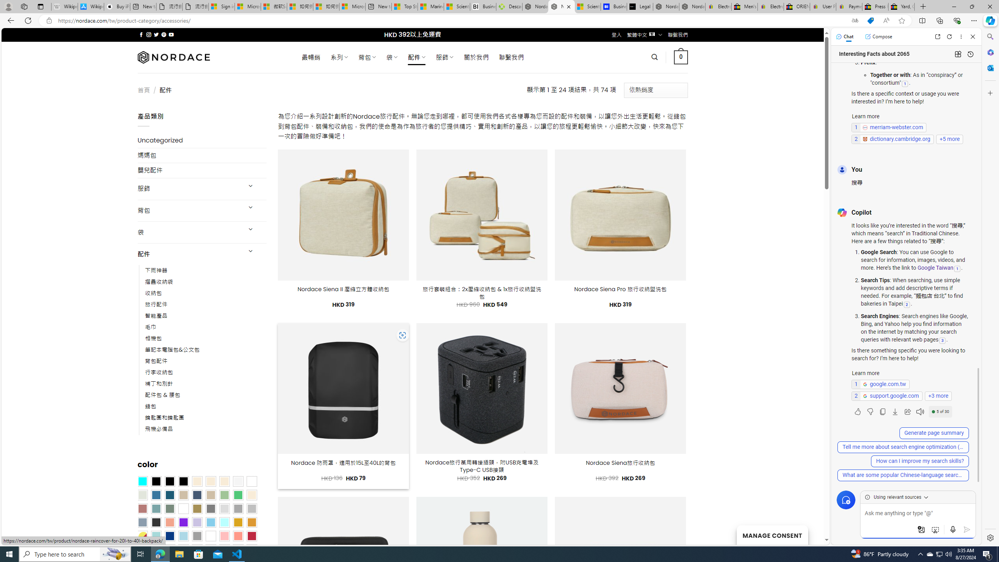 Image resolution: width=999 pixels, height=562 pixels. I want to click on 'Side bar', so click(990, 287).